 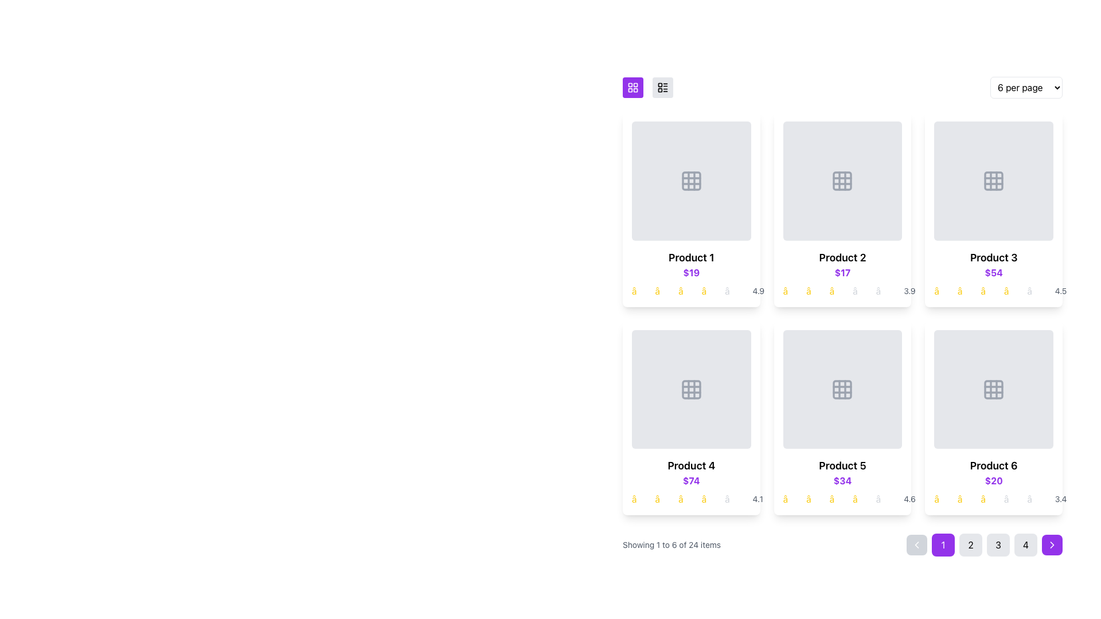 What do you see at coordinates (909, 499) in the screenshot?
I see `text label that displays the numerical rating, located at the far right of the rating component beneath the fifth star icon in the product card layout` at bounding box center [909, 499].